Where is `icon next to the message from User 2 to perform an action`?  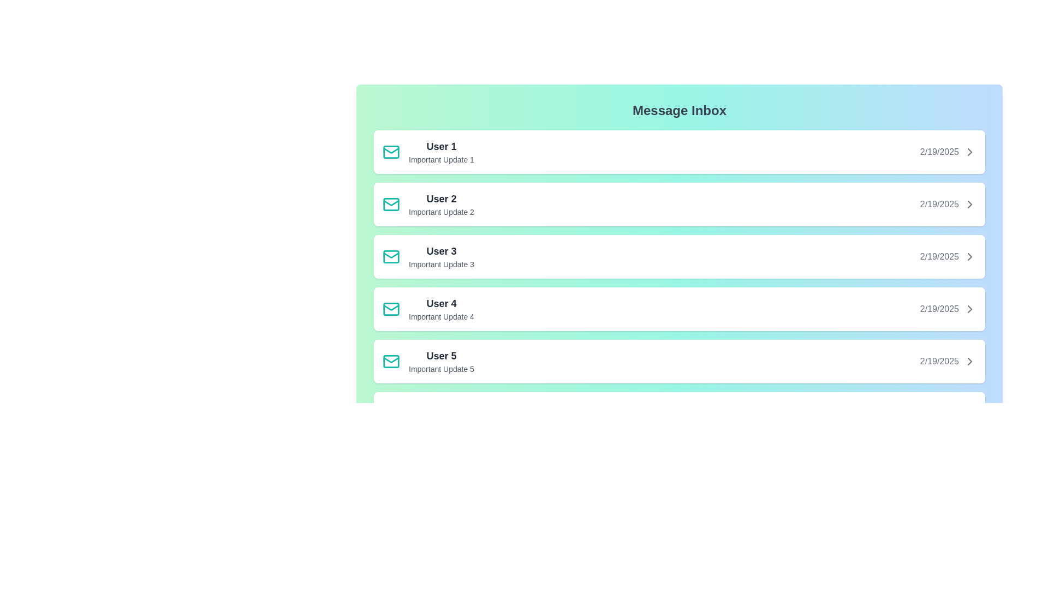
icon next to the message from User 2 to perform an action is located at coordinates (391, 204).